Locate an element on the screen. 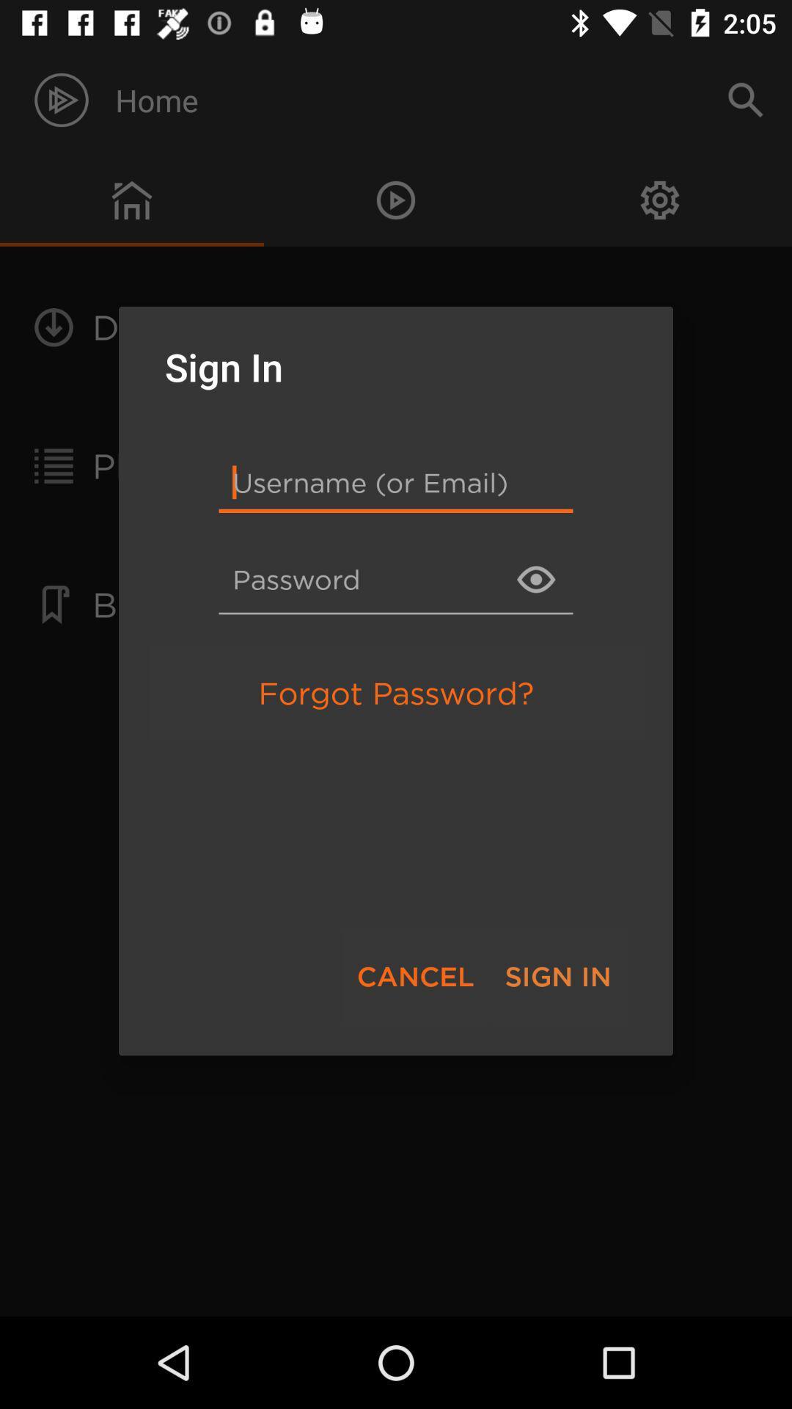  item below the sign in is located at coordinates (396, 482).